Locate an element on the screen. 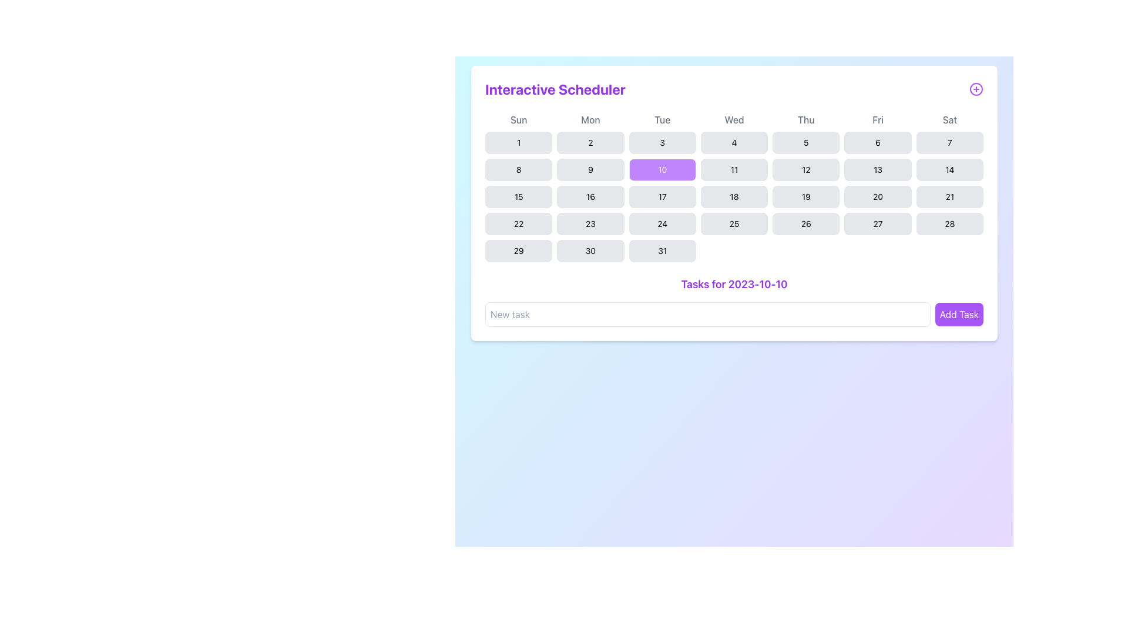 Image resolution: width=1128 pixels, height=635 pixels. the button displaying the number '19' in the fifth box of the fifth row in the calendar layout, located under the 'Thu' column is located at coordinates (805, 196).